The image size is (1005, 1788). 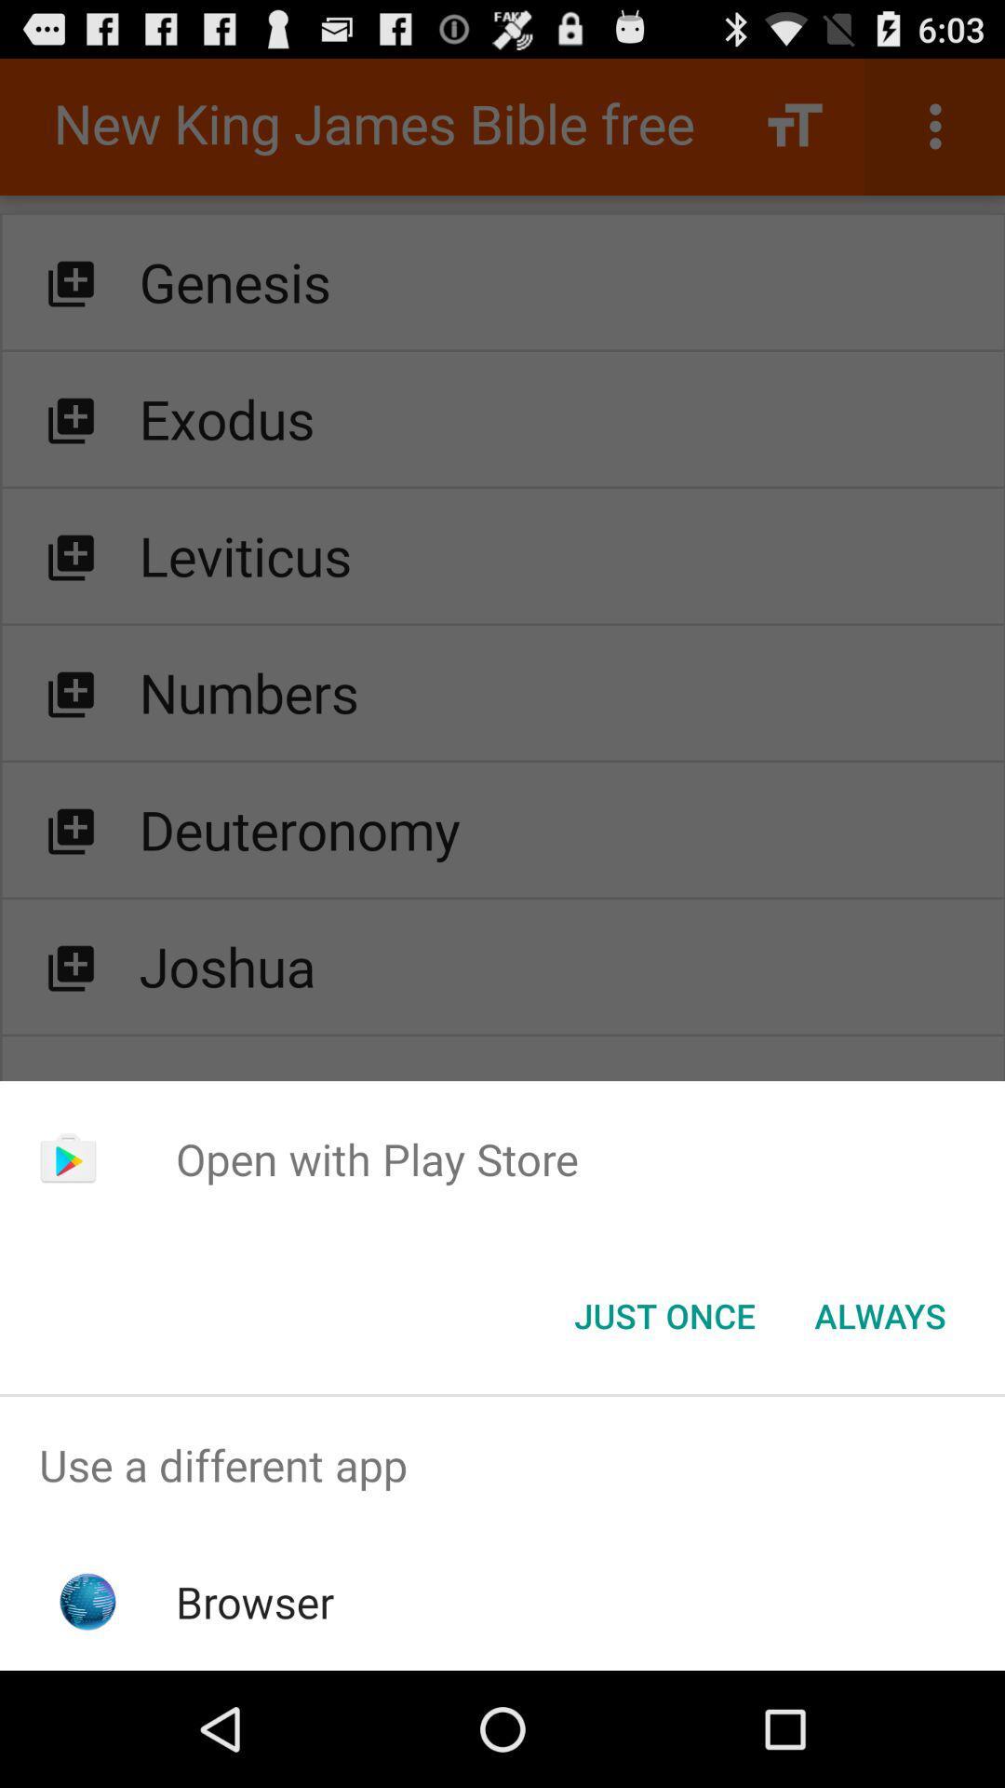 What do you see at coordinates (879, 1314) in the screenshot?
I see `the icon next to the just once` at bounding box center [879, 1314].